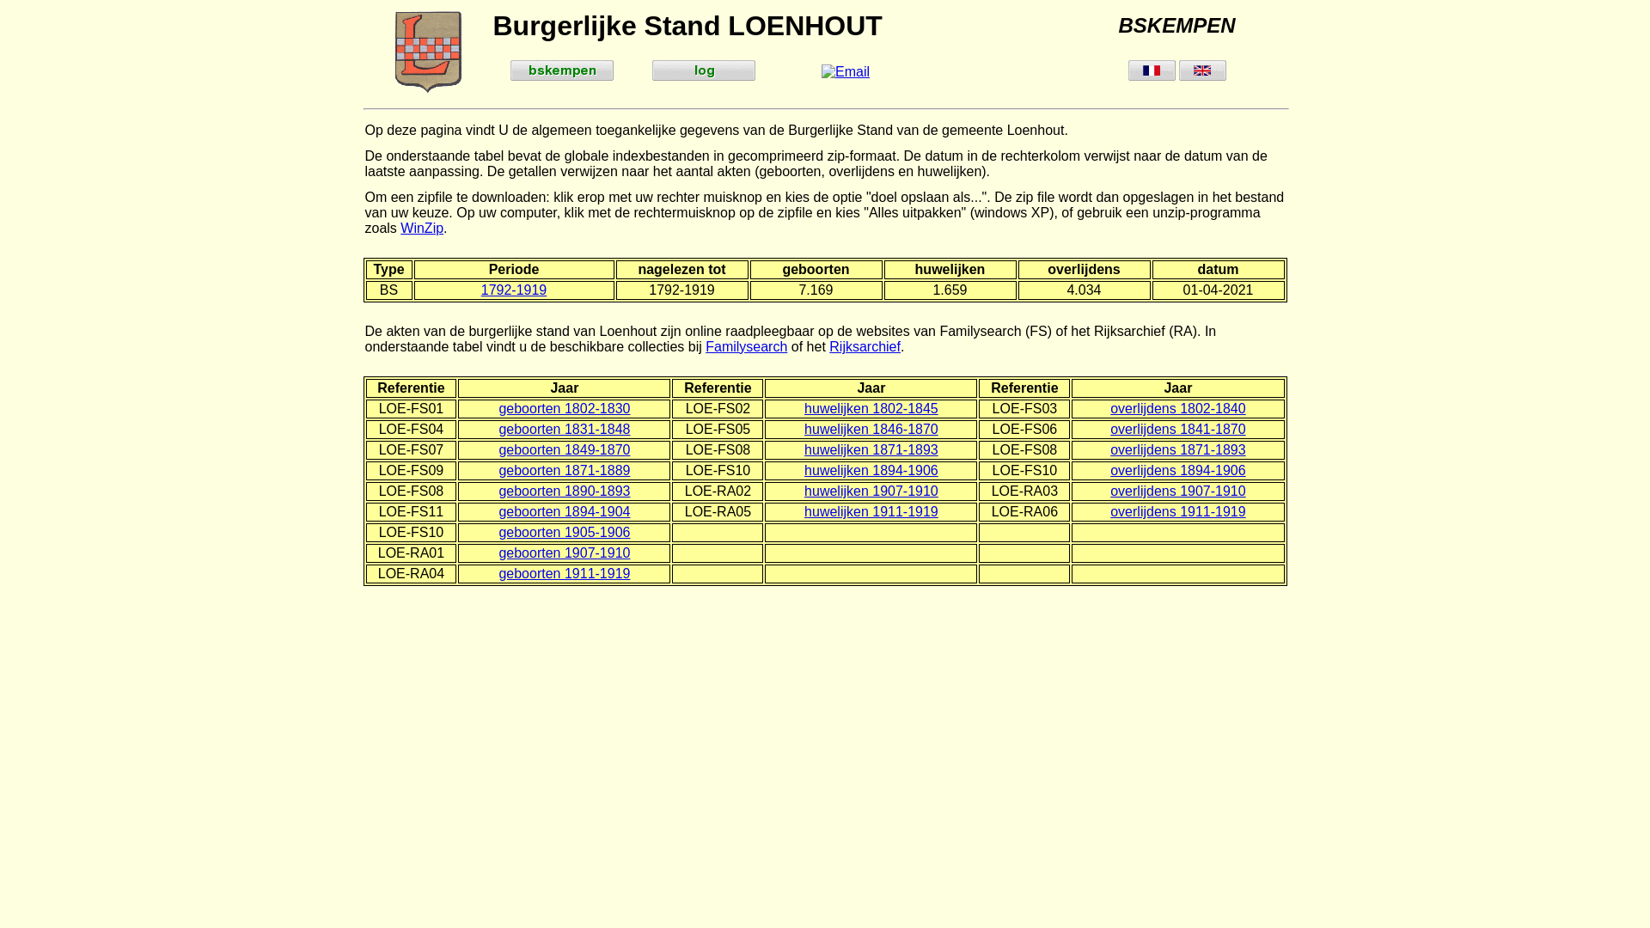 Image resolution: width=1650 pixels, height=928 pixels. Describe the element at coordinates (705, 346) in the screenshot. I see `'Familysearch'` at that location.